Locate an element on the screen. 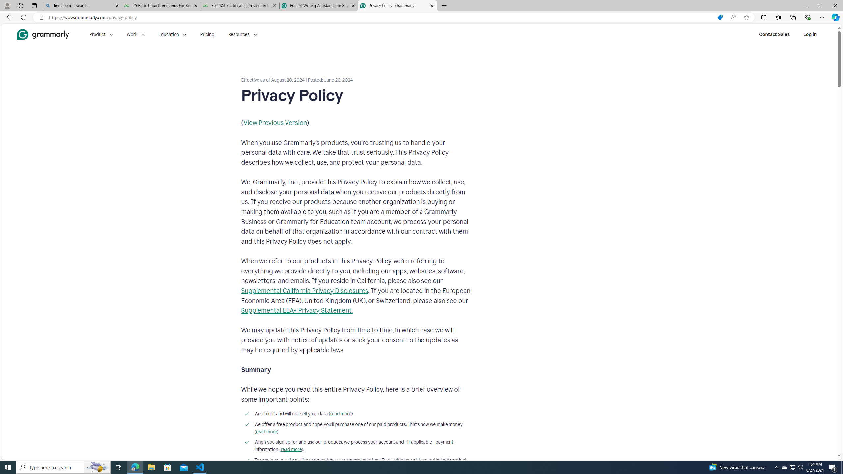  'Resources' is located at coordinates (243, 34).